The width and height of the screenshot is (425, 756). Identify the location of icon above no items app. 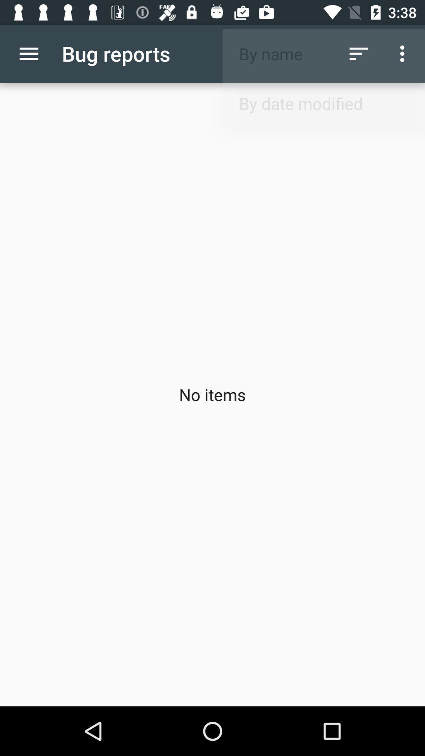
(28, 53).